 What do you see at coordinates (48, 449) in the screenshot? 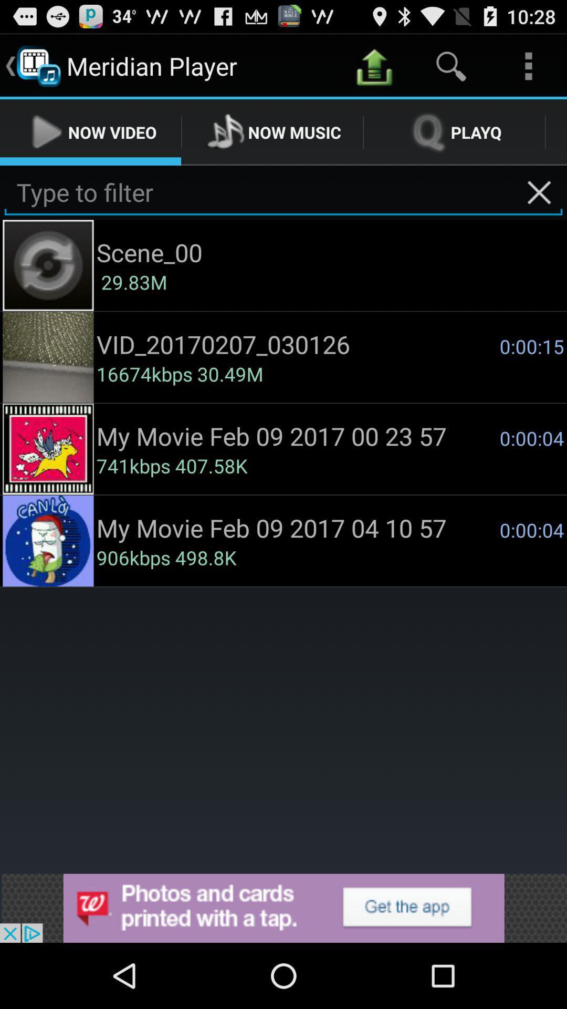
I see `the dragon image` at bounding box center [48, 449].